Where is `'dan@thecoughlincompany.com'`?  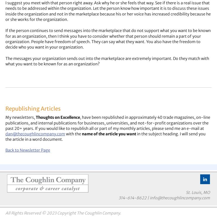
'dan@thecoughlincompany.com' is located at coordinates (35, 134).